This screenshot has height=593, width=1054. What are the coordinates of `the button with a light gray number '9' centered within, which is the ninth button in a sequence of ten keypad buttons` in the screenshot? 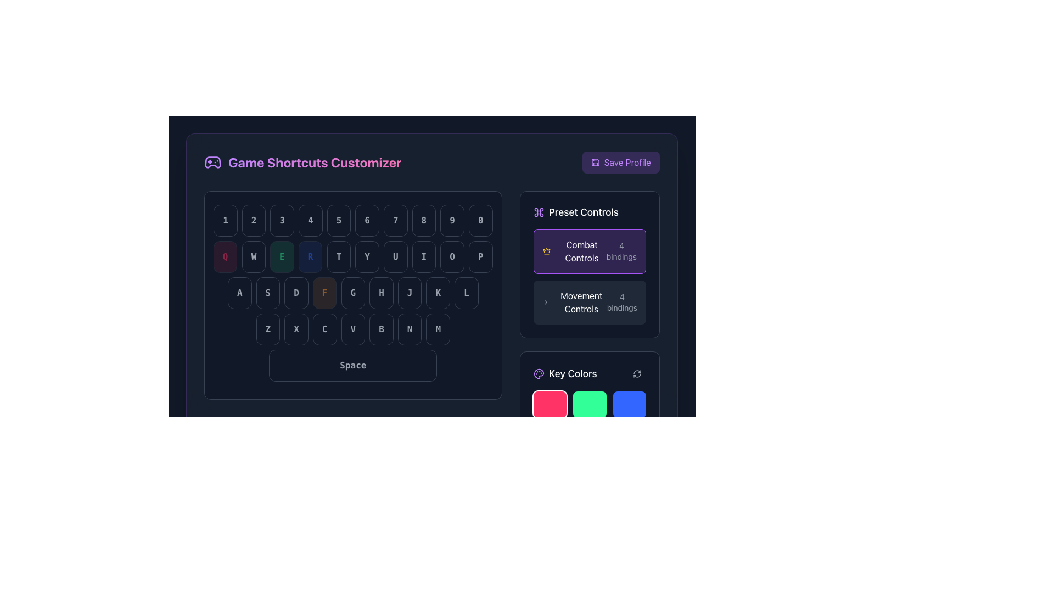 It's located at (452, 220).